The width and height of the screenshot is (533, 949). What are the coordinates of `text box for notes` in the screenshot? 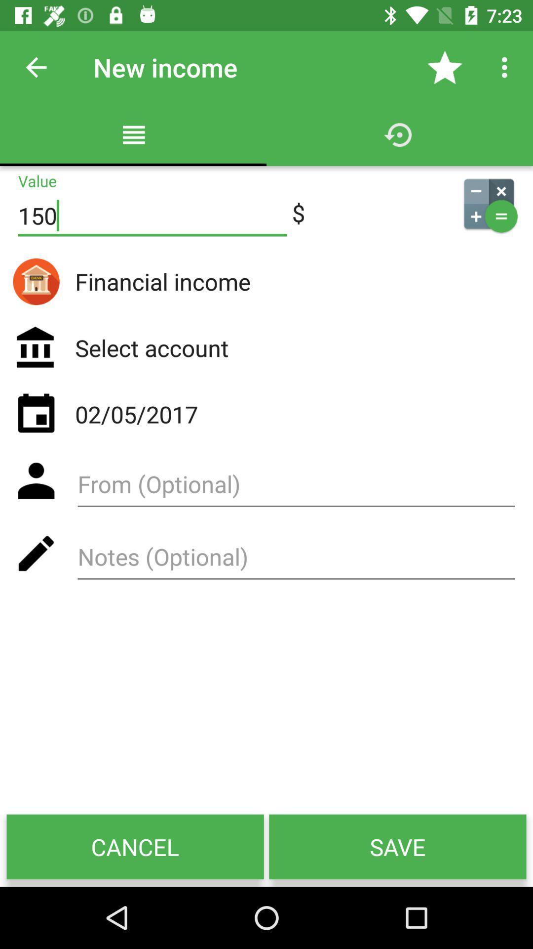 It's located at (296, 560).